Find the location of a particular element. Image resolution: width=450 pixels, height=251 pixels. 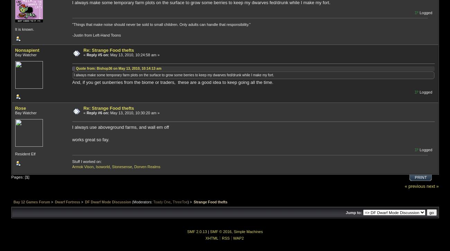

'Isoworld' is located at coordinates (102, 166).